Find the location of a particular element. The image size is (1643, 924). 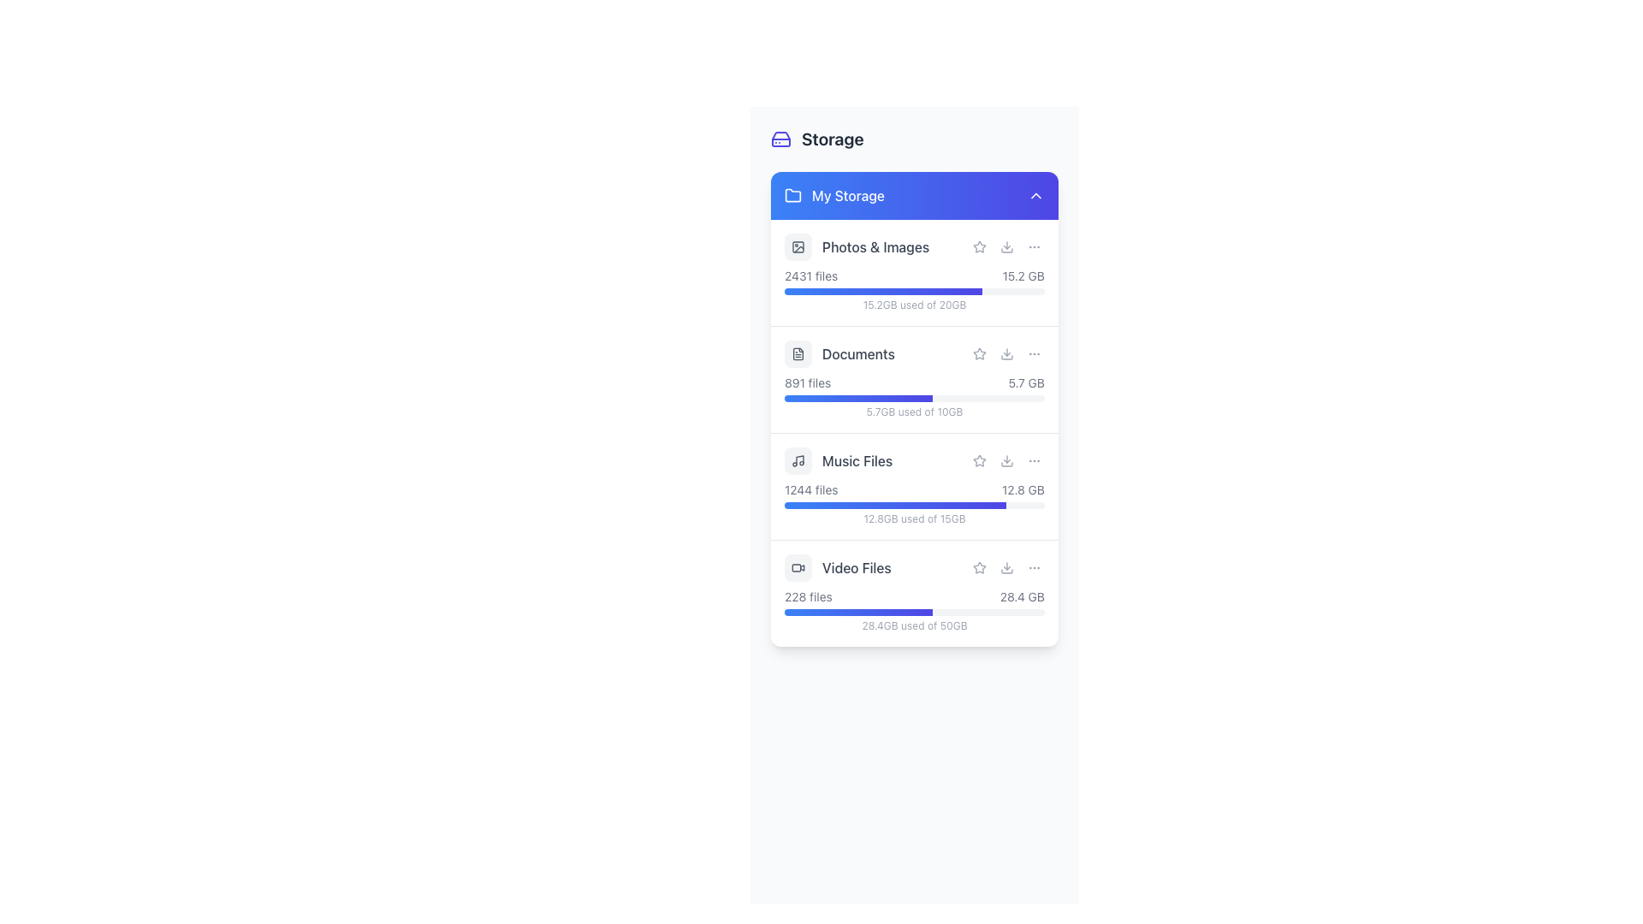

the text label indicating the total number of files in the 'Photos & Images' category within the storage summary interface is located at coordinates (810, 275).